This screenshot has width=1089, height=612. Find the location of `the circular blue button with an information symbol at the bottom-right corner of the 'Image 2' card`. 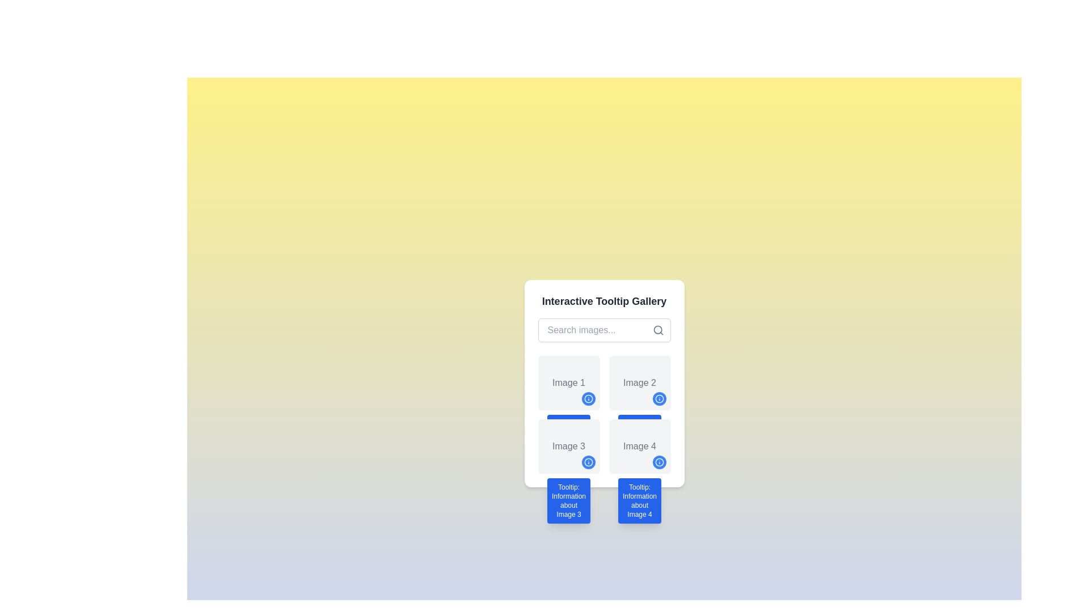

the circular blue button with an information symbol at the bottom-right corner of the 'Image 2' card is located at coordinates (659, 398).